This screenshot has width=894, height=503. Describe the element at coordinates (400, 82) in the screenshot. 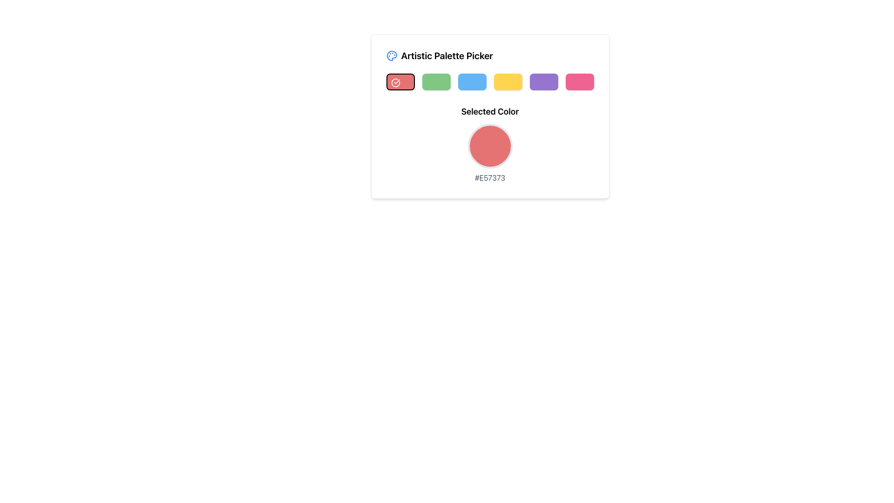

I see `the rectangular button with a rounded border and red background that has a checkmark icon in the top left corner, located under the title 'Artistic Palette Picker.'` at that location.